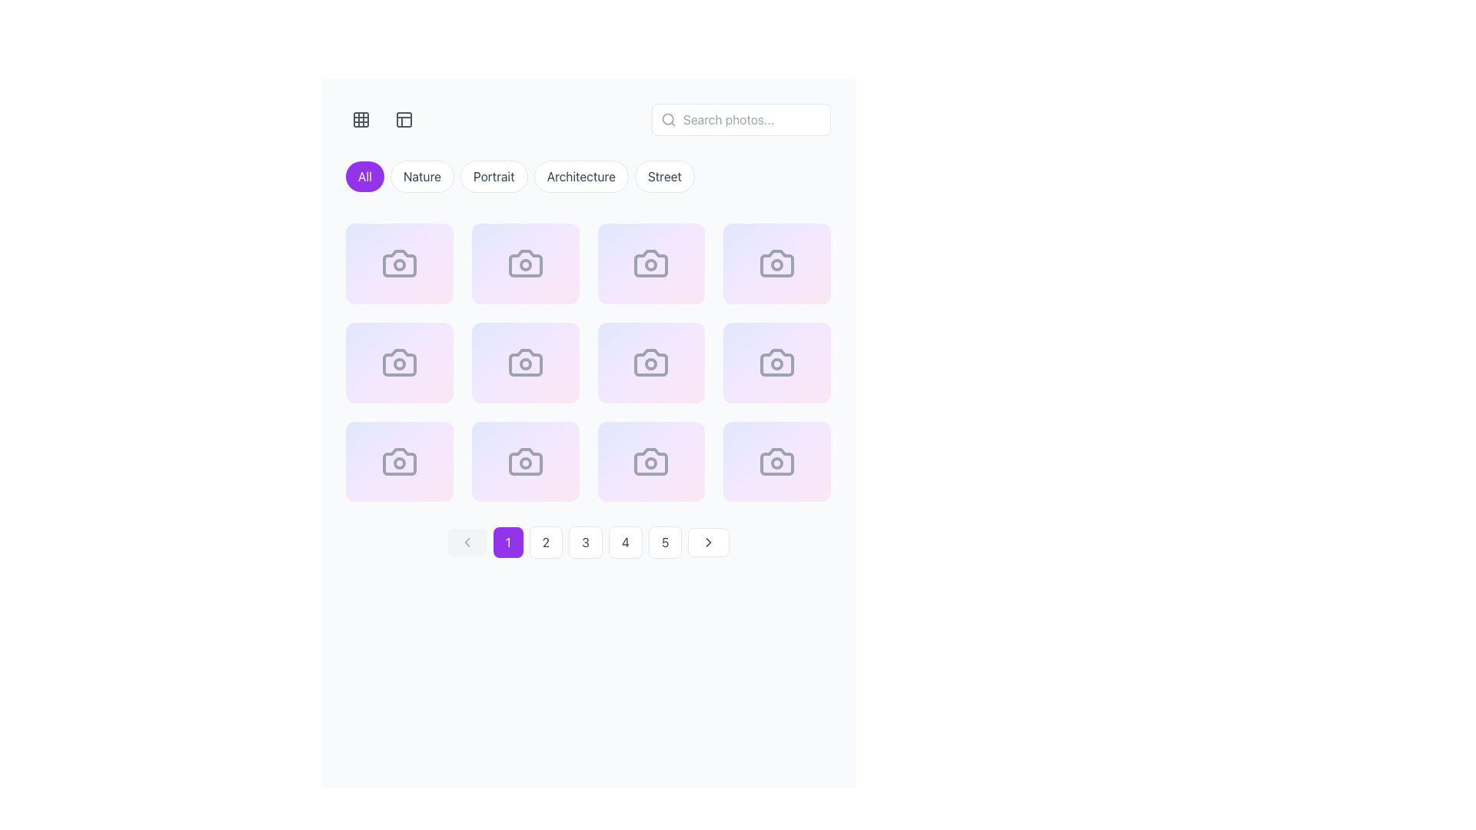 The height and width of the screenshot is (830, 1476). What do you see at coordinates (651, 476) in the screenshot?
I see `the button located at the bottom section of the card labeled 'Photograph #11', which is horizontally centered among a row of circular buttons` at bounding box center [651, 476].